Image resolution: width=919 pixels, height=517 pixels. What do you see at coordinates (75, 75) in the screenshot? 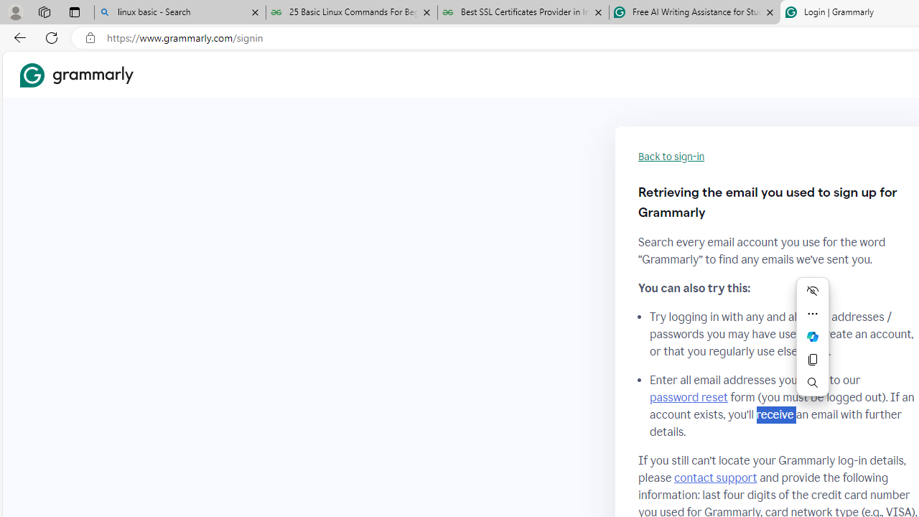
I see `'Grammarly Home'` at bounding box center [75, 75].